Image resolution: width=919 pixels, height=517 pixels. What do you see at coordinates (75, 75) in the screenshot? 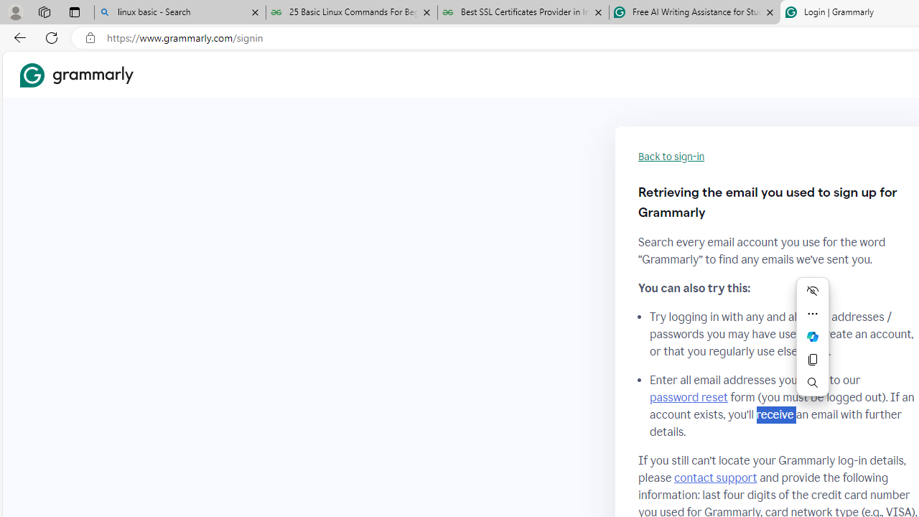
I see `'Grammarly Home'` at bounding box center [75, 75].